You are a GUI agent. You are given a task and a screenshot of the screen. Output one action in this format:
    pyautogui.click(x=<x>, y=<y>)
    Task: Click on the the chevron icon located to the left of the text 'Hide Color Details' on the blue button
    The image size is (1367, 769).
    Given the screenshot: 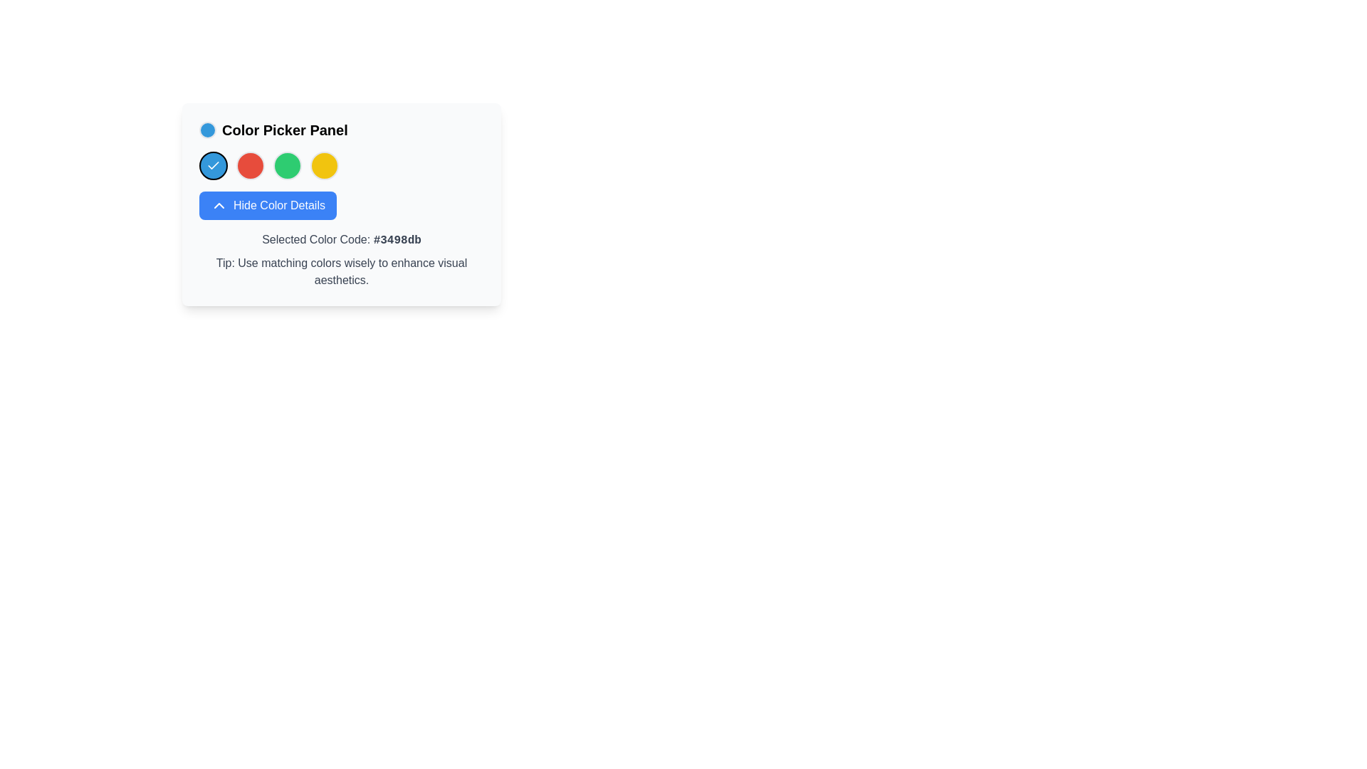 What is the action you would take?
    pyautogui.click(x=218, y=206)
    